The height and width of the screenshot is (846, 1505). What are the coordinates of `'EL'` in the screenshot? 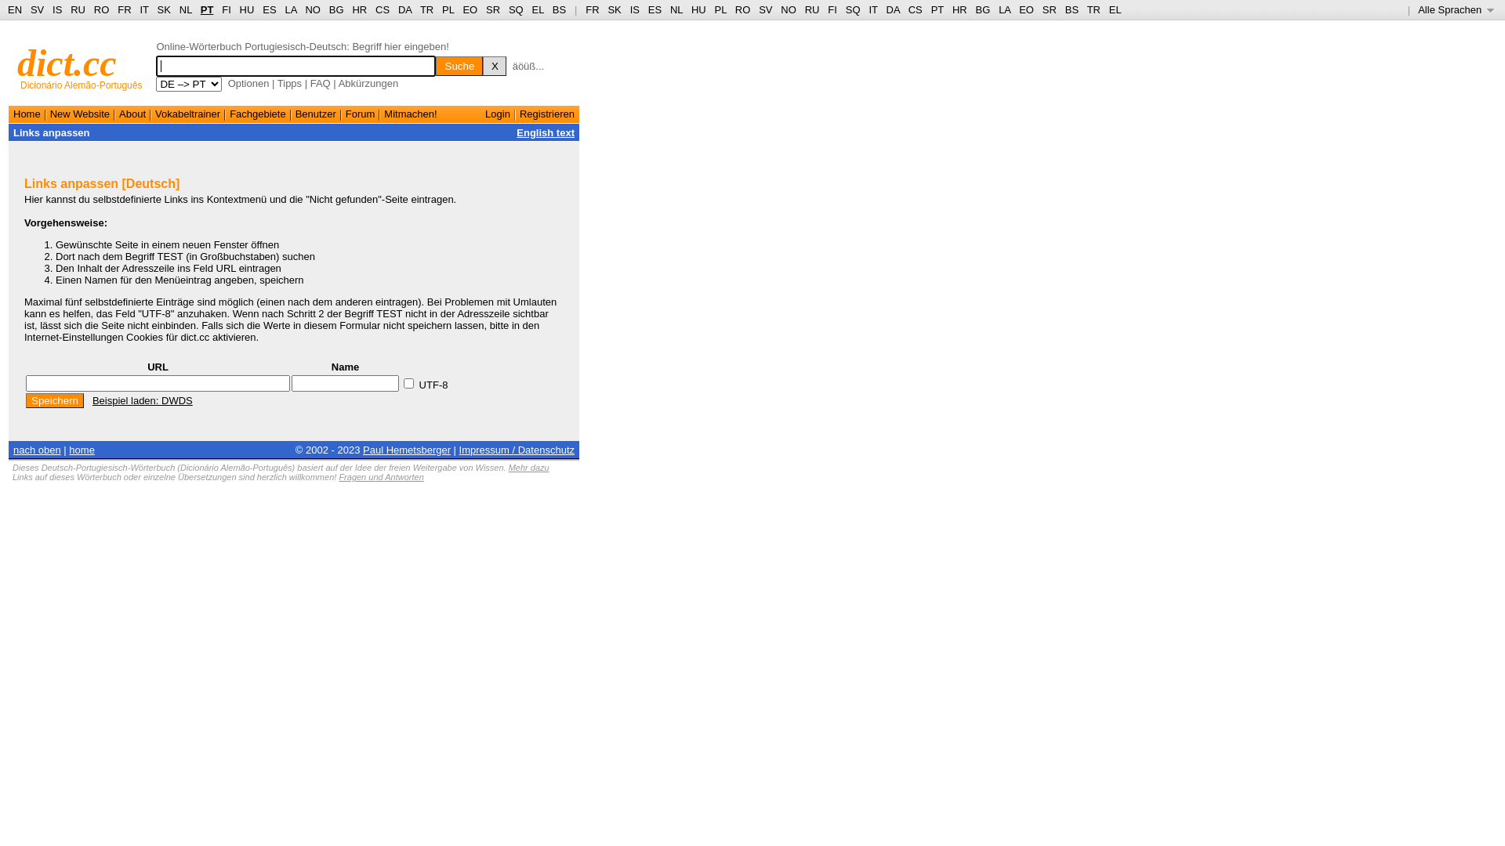 It's located at (538, 9).